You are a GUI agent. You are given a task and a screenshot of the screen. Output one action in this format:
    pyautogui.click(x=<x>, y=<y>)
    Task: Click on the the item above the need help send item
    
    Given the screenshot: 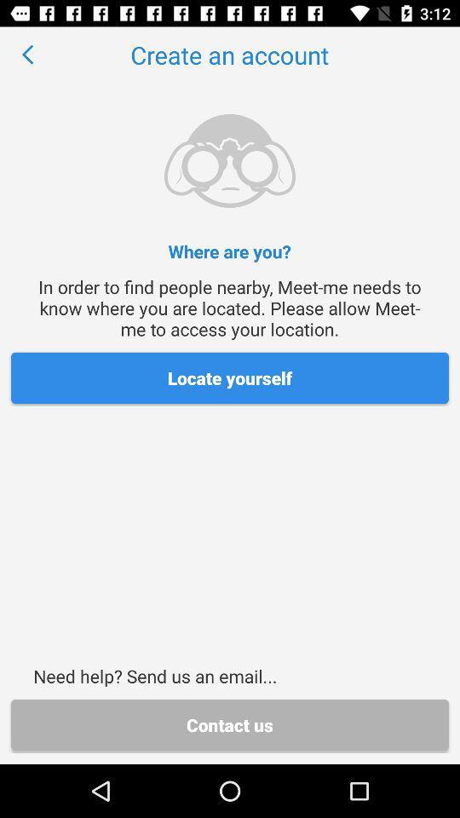 What is the action you would take?
    pyautogui.click(x=230, y=377)
    